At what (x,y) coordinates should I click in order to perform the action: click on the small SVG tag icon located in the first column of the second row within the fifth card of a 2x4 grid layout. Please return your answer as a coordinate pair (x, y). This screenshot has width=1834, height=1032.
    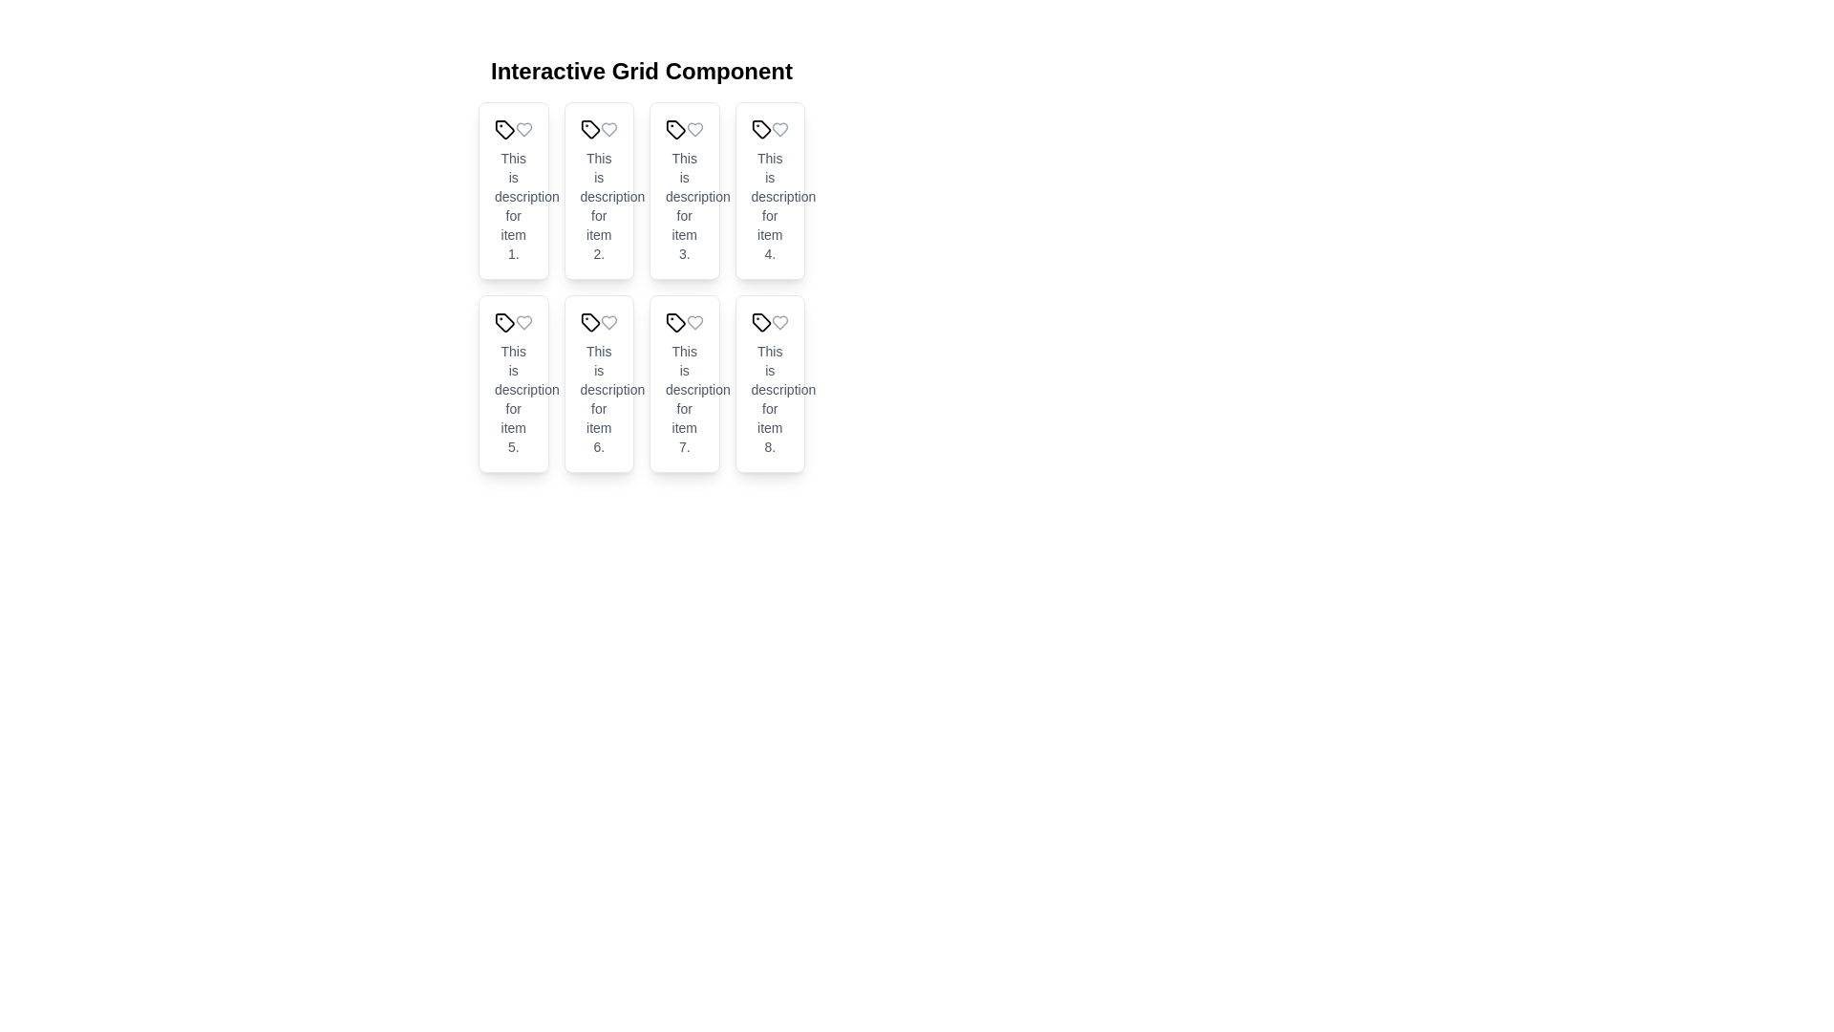
    Looking at the image, I should click on (504, 322).